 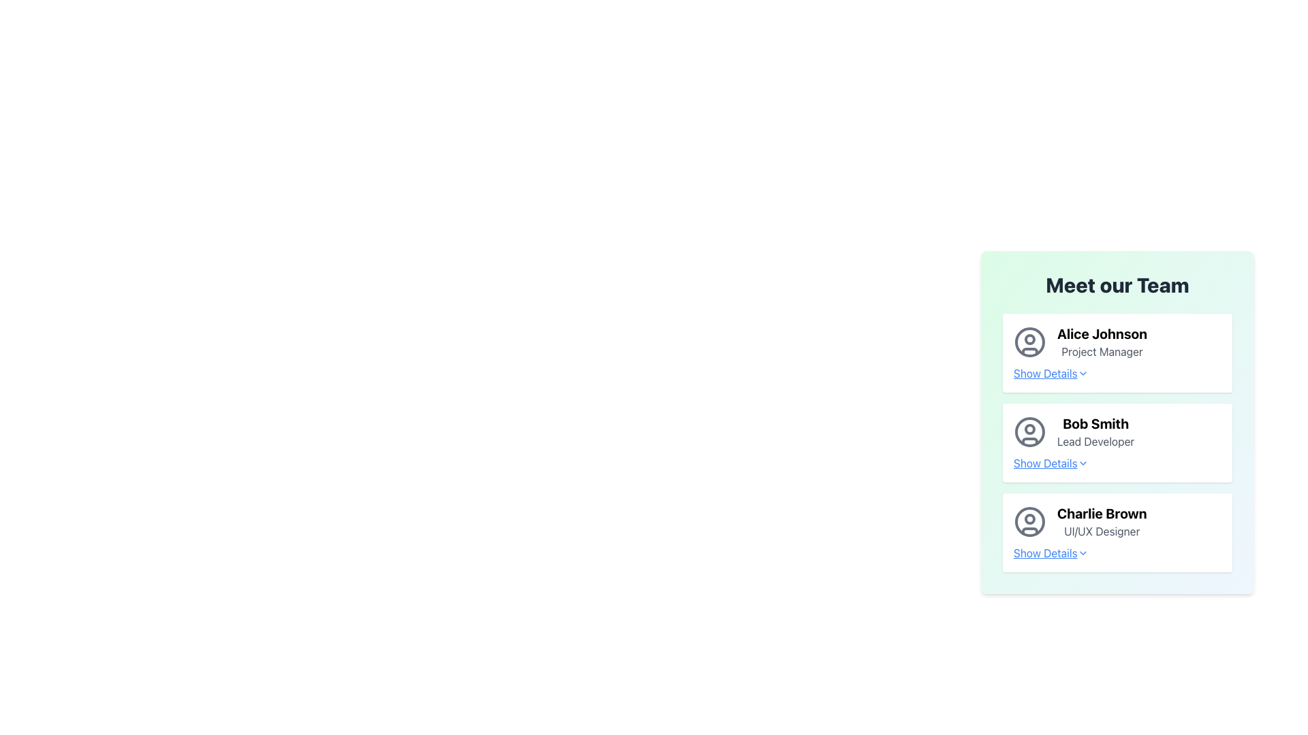 What do you see at coordinates (1117, 463) in the screenshot?
I see `the 'Show Details' hyperlink` at bounding box center [1117, 463].